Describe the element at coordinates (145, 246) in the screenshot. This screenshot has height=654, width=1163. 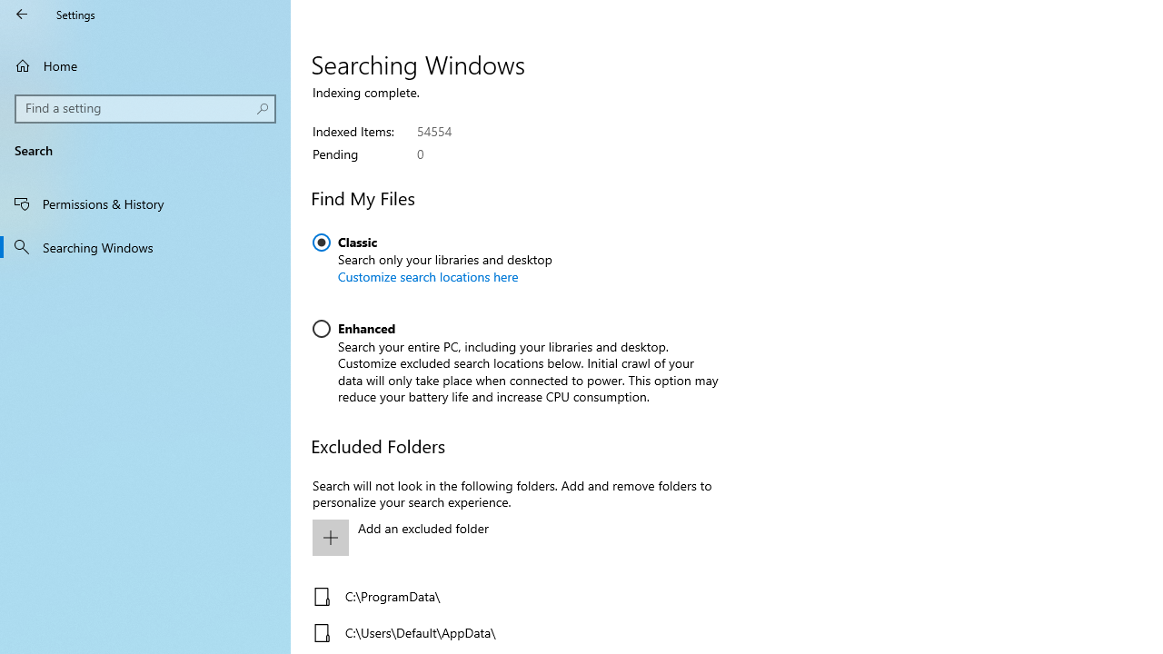
I see `'Searching Windows'` at that location.